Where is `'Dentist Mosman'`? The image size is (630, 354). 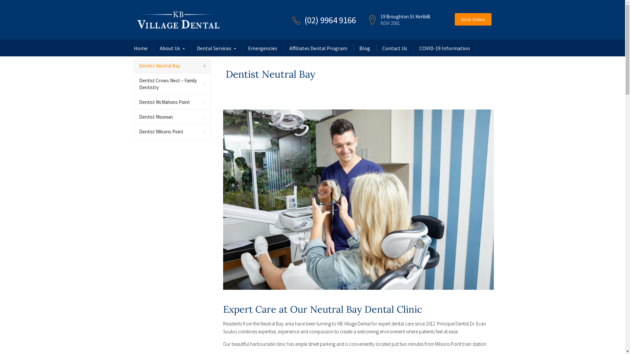
'Dentist Mosman' is located at coordinates (134, 117).